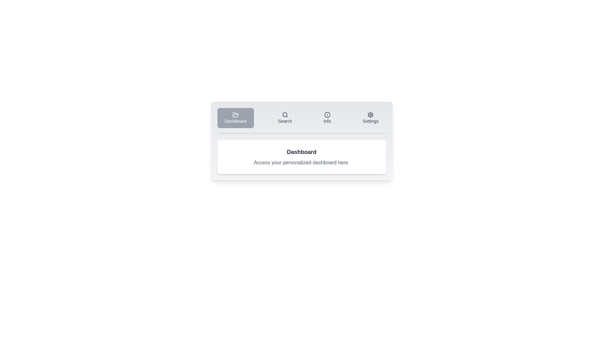 Image resolution: width=605 pixels, height=340 pixels. I want to click on the tab labeled Settings, so click(371, 118).